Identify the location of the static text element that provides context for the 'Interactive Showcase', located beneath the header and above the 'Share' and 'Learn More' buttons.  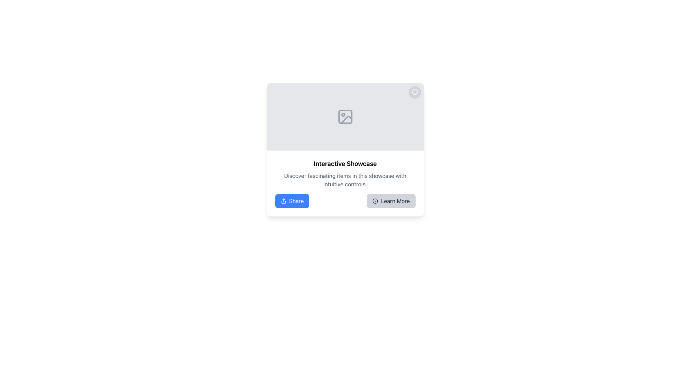
(345, 180).